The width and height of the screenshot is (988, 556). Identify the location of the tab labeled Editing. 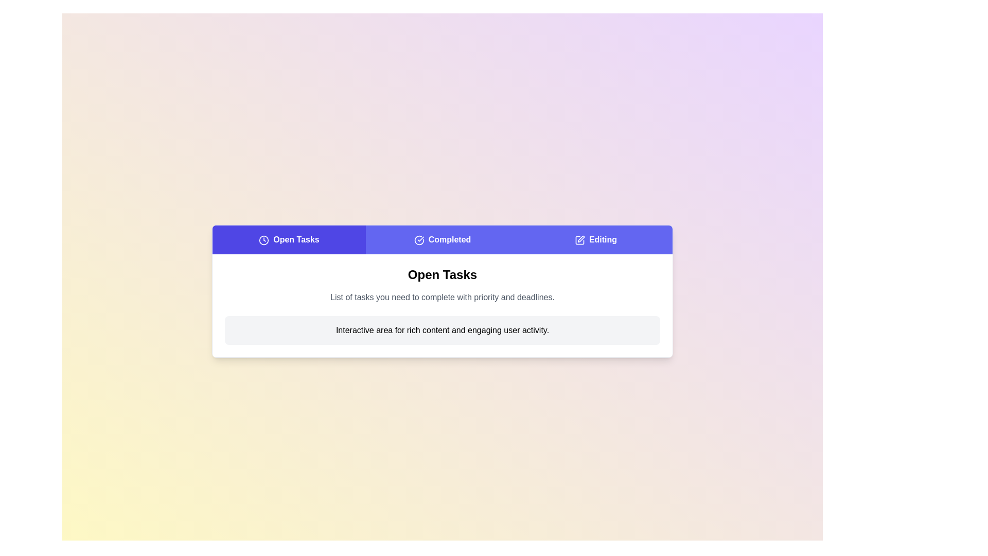
(595, 240).